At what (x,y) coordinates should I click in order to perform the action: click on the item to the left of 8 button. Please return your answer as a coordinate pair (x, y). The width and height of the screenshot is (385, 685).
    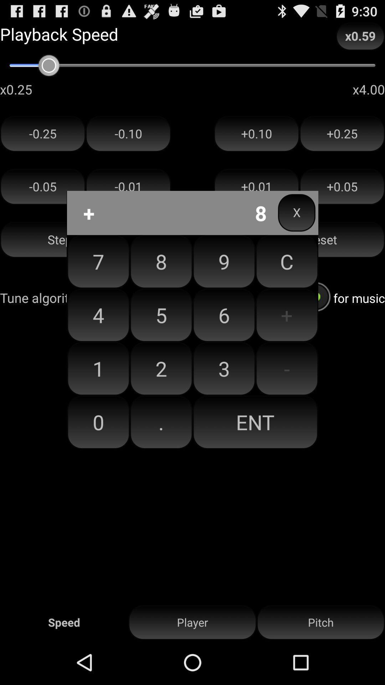
    Looking at the image, I should click on (98, 261).